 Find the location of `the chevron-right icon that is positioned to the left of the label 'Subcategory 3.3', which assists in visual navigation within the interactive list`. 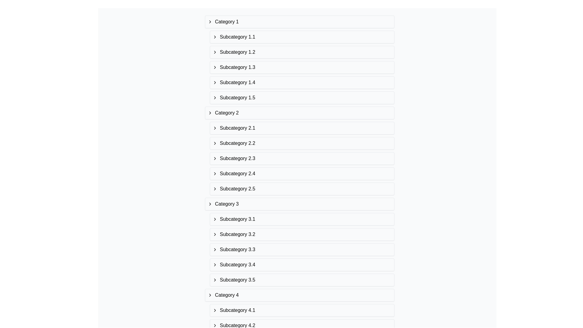

the chevron-right icon that is positioned to the left of the label 'Subcategory 3.3', which assists in visual navigation within the interactive list is located at coordinates (215, 249).